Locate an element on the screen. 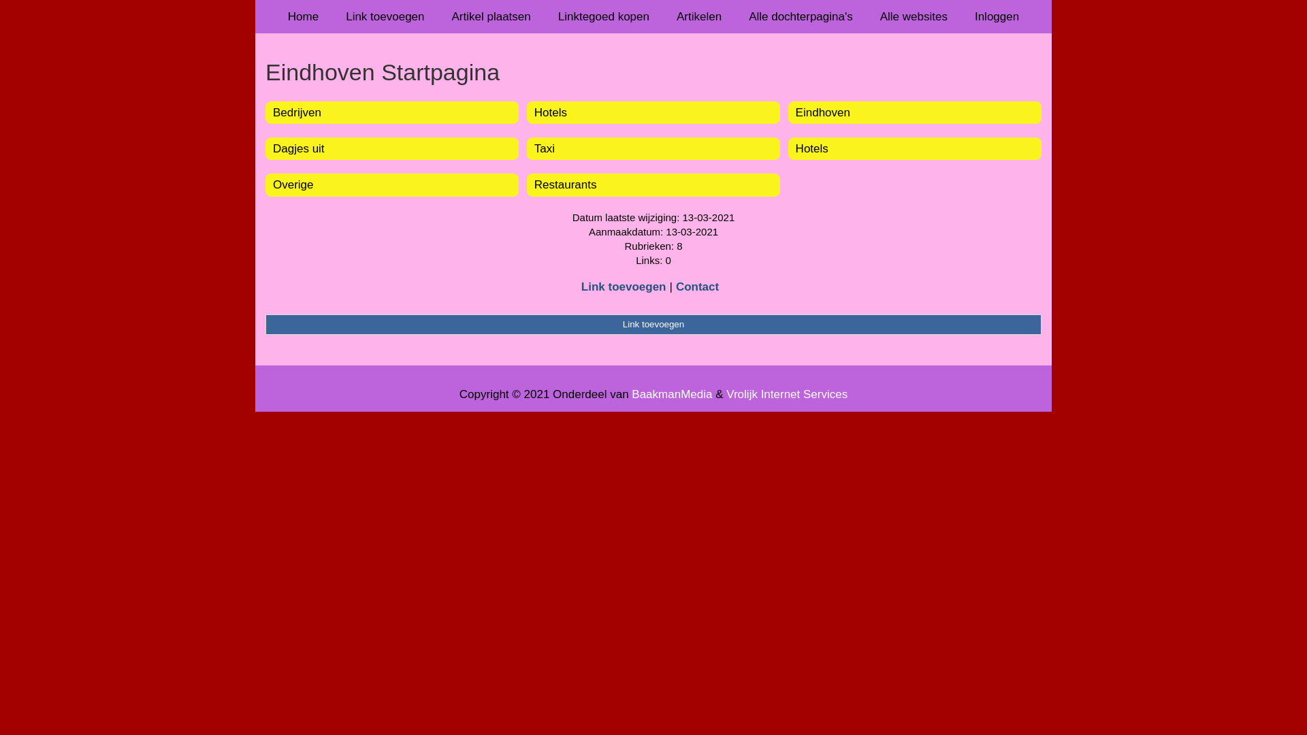 The image size is (1307, 735). 'Home' is located at coordinates (302, 16).